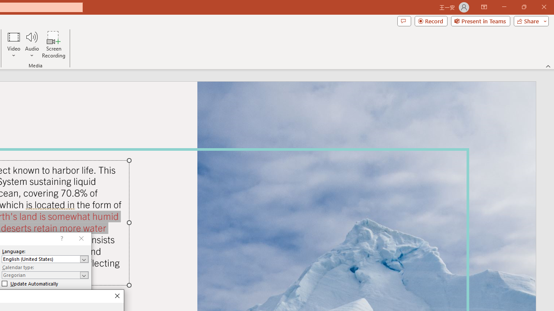  Describe the element at coordinates (480, 20) in the screenshot. I see `'Present in Teams'` at that location.